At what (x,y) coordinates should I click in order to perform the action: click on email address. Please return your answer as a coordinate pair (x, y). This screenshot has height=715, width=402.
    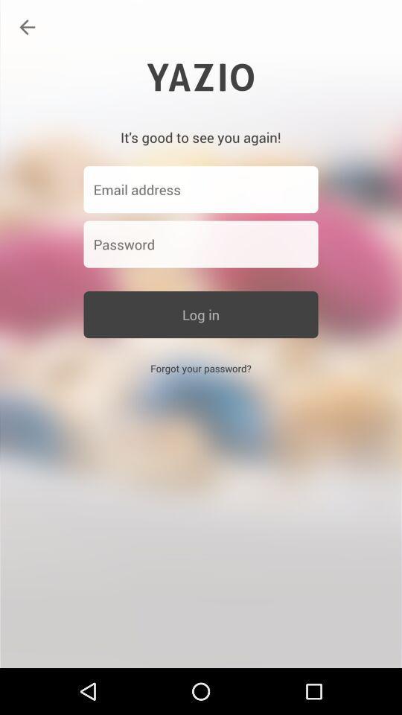
    Looking at the image, I should click on (201, 188).